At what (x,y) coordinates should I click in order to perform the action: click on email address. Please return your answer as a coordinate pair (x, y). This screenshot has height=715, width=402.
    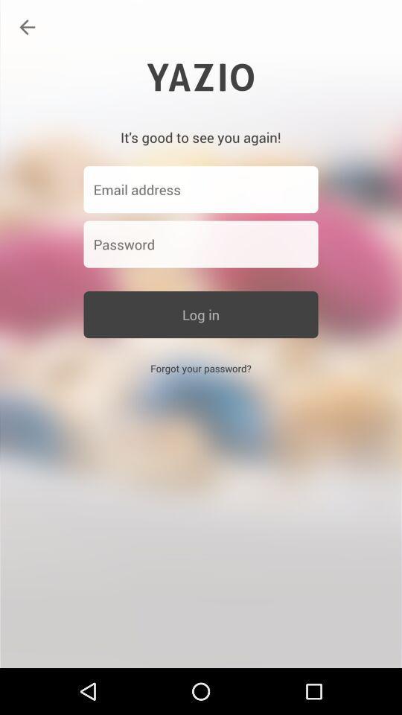
    Looking at the image, I should click on (201, 188).